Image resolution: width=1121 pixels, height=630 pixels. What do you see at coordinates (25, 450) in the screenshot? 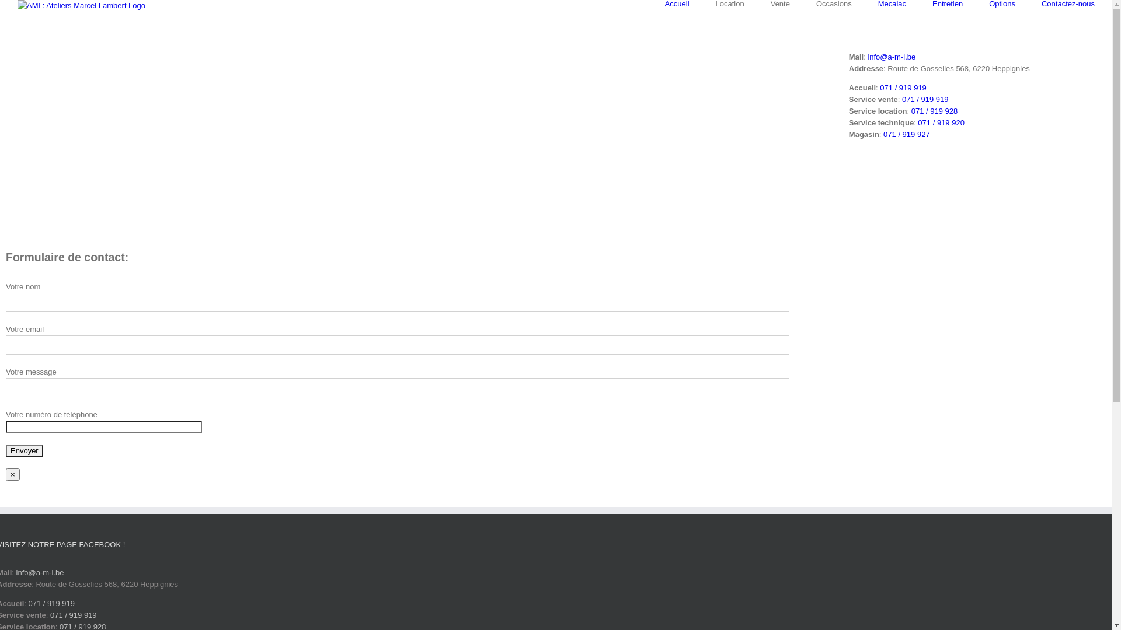
I see `'Envoyer'` at bounding box center [25, 450].